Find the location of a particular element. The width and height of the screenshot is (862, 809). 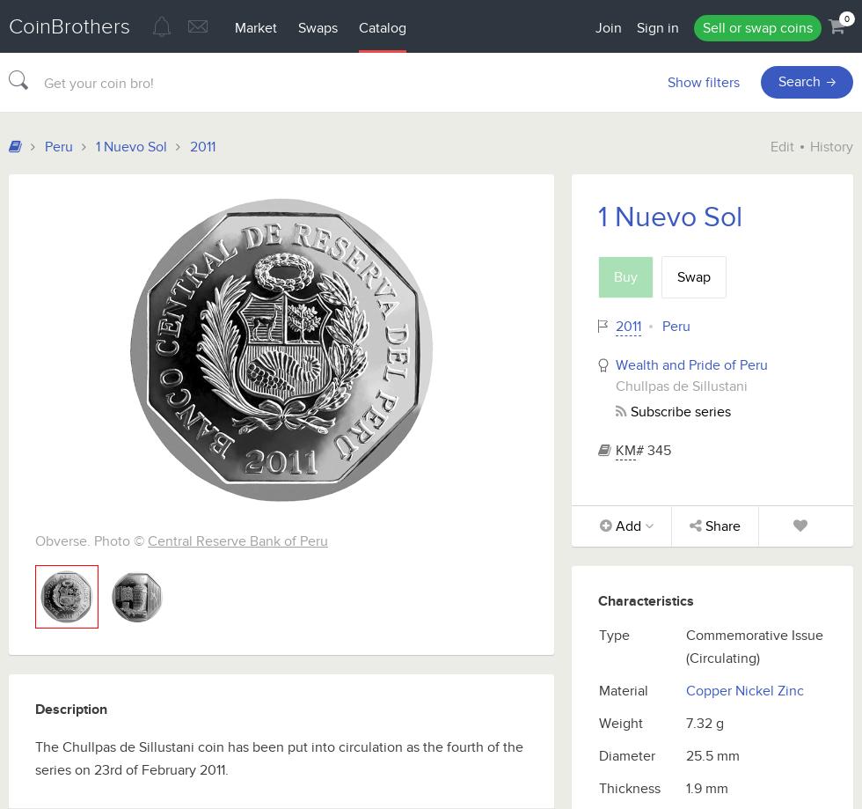

'Weight' is located at coordinates (599, 724).